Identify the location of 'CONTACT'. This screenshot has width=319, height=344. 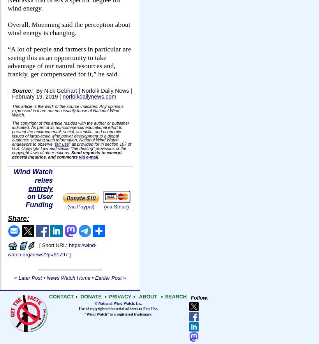
(61, 296).